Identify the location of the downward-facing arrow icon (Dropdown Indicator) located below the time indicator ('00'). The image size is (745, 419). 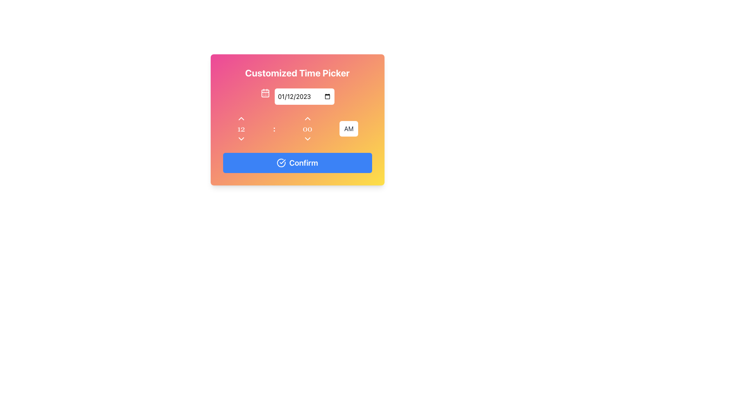
(307, 139).